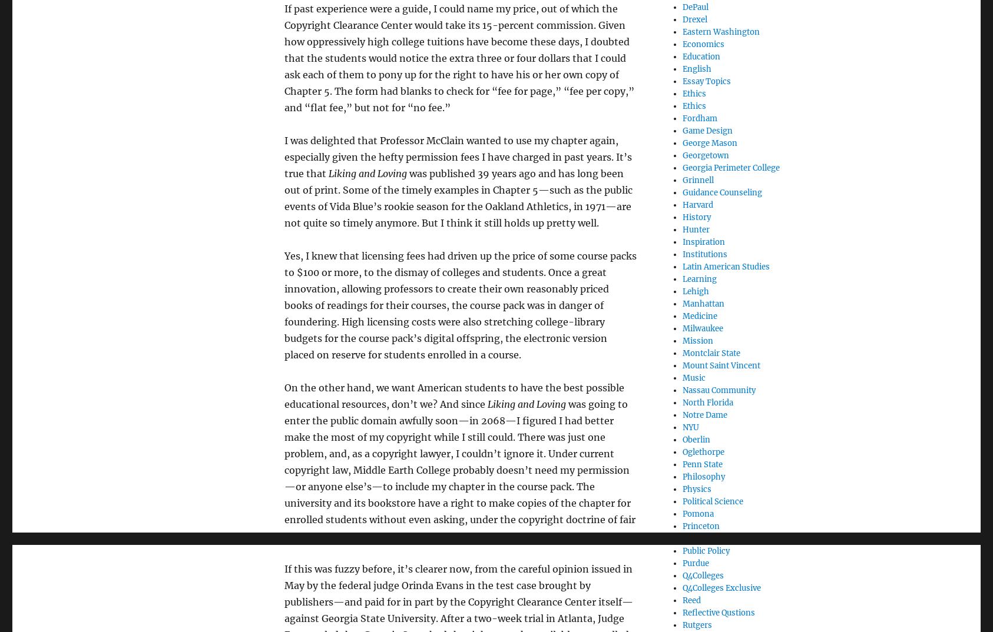 The image size is (993, 632). What do you see at coordinates (697, 513) in the screenshot?
I see `'Pomona'` at bounding box center [697, 513].